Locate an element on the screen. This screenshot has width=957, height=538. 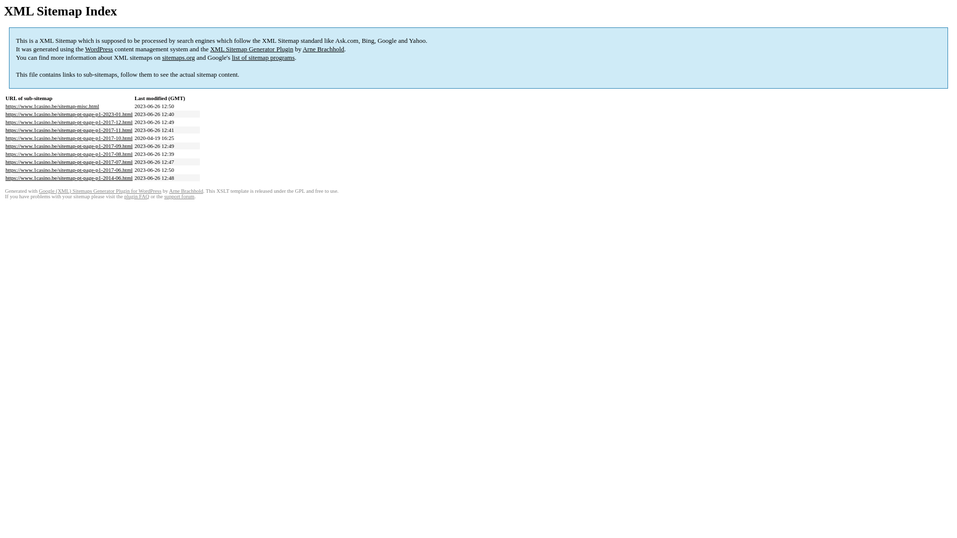
'Google (XML) Sitemaps Generator Plugin for WordPress' is located at coordinates (100, 191).